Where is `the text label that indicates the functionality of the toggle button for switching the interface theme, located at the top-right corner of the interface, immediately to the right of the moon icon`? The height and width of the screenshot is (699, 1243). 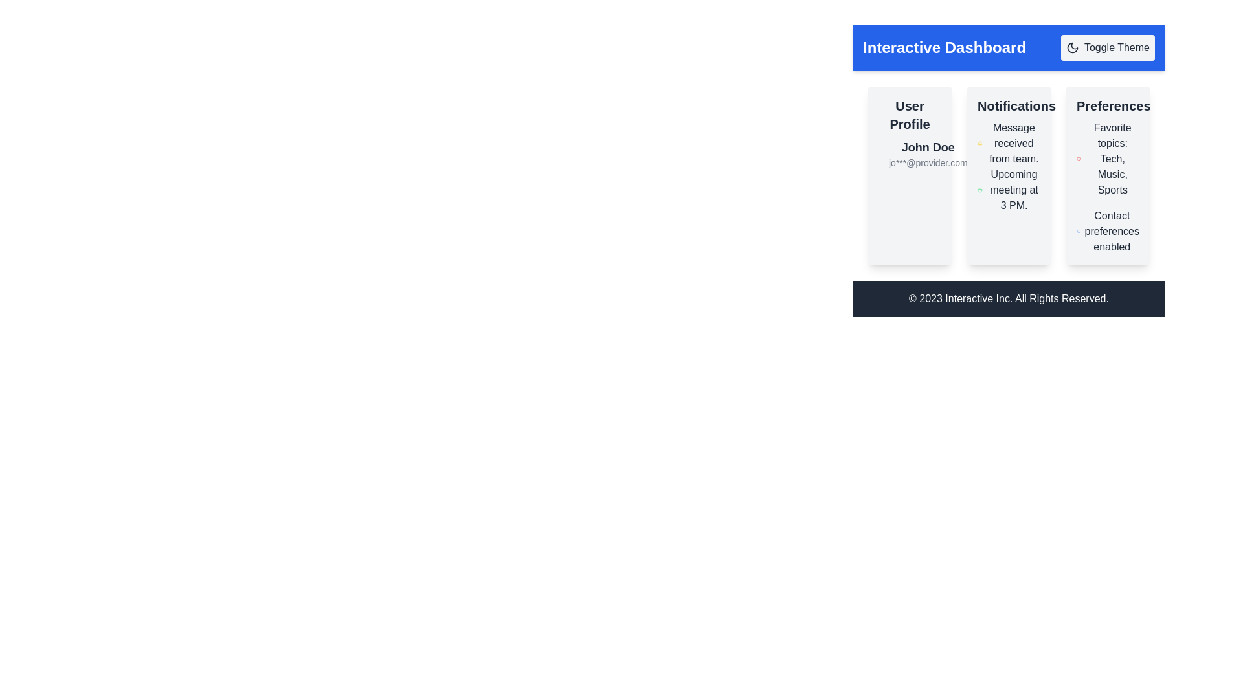 the text label that indicates the functionality of the toggle button for switching the interface theme, located at the top-right corner of the interface, immediately to the right of the moon icon is located at coordinates (1116, 47).